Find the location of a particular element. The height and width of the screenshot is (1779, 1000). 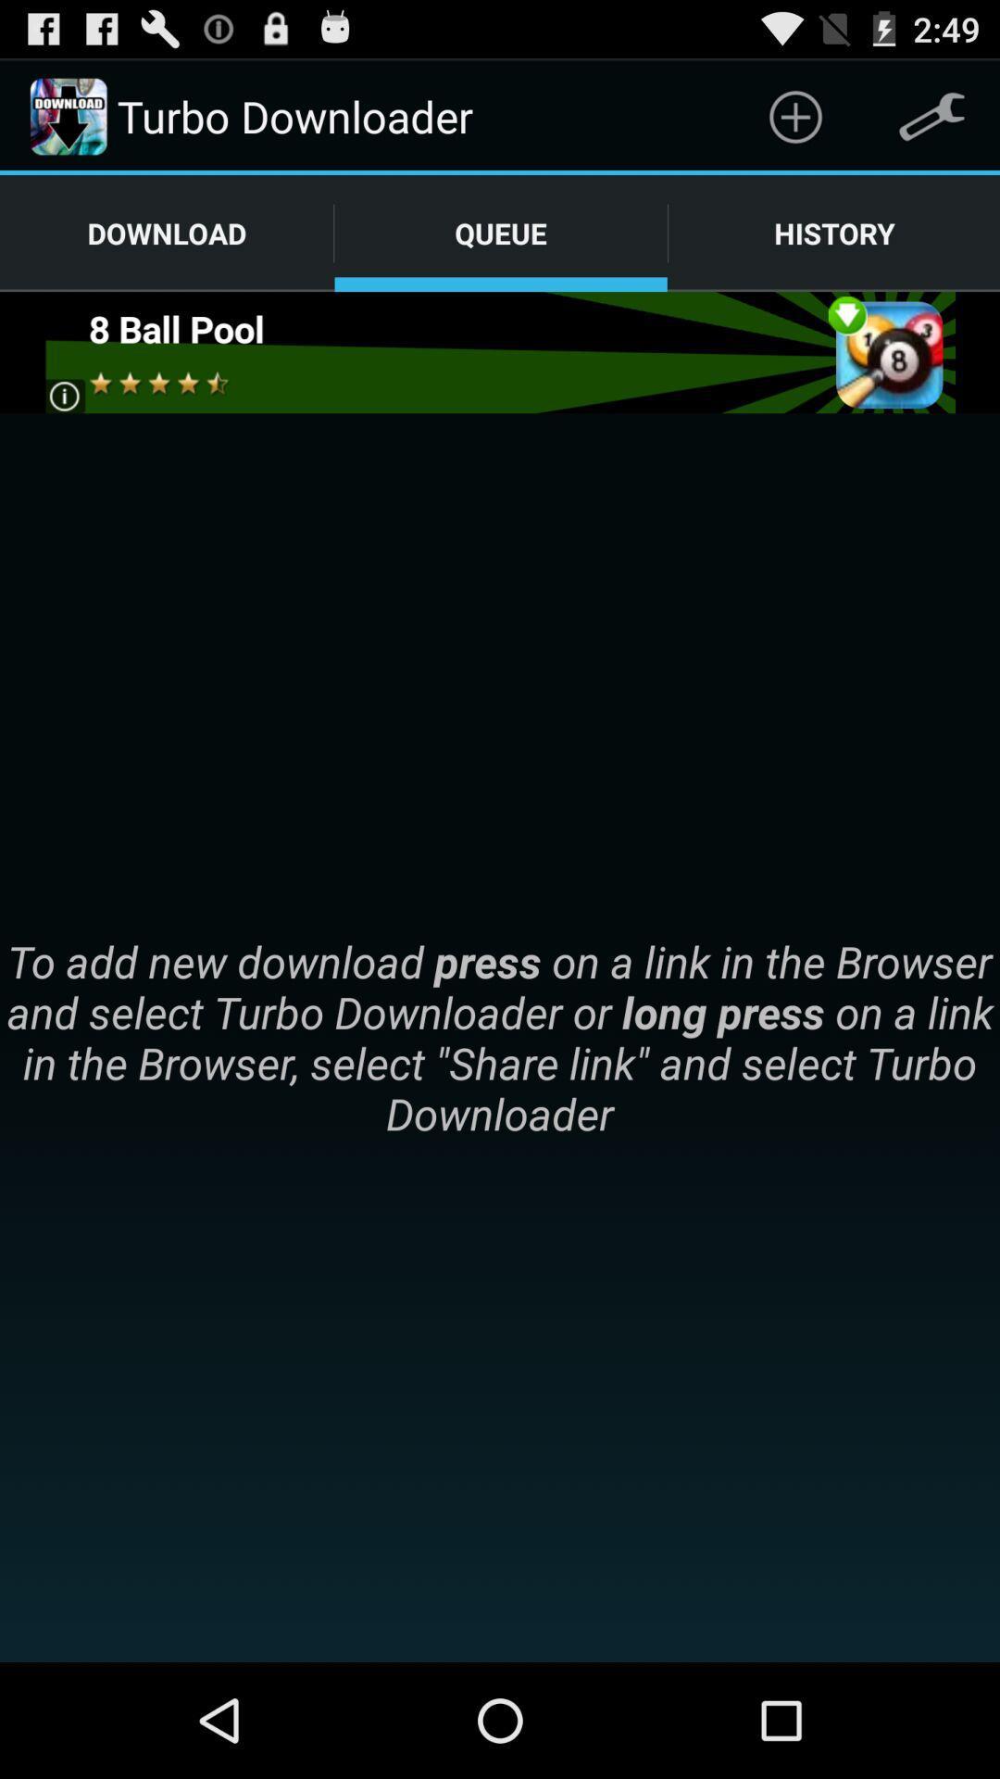

an advertisement of a mobile game is located at coordinates (498, 352).